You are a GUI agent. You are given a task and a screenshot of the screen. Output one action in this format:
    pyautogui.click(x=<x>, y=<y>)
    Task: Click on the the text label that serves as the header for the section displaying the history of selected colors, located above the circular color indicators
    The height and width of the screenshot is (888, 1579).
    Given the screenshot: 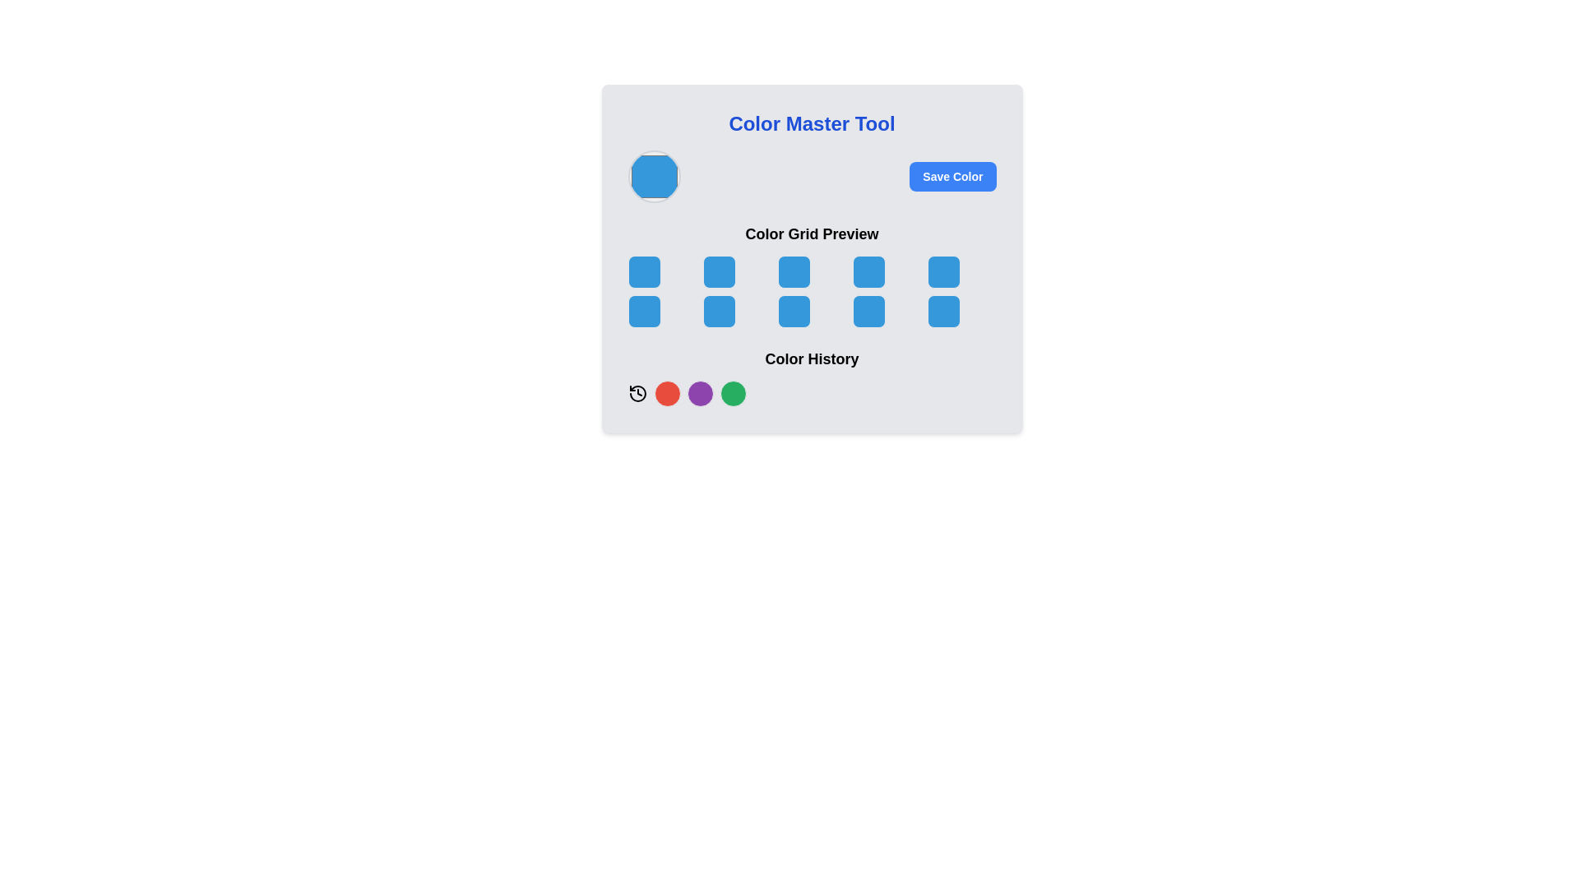 What is the action you would take?
    pyautogui.click(x=812, y=358)
    